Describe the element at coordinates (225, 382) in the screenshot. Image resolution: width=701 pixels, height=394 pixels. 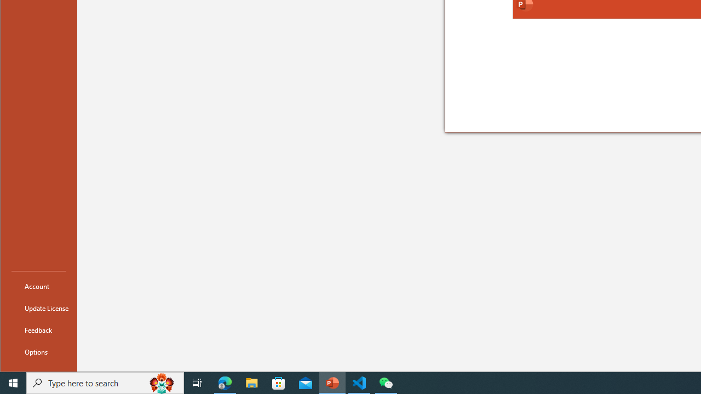
I see `'Microsoft Edge - 1 running window'` at that location.